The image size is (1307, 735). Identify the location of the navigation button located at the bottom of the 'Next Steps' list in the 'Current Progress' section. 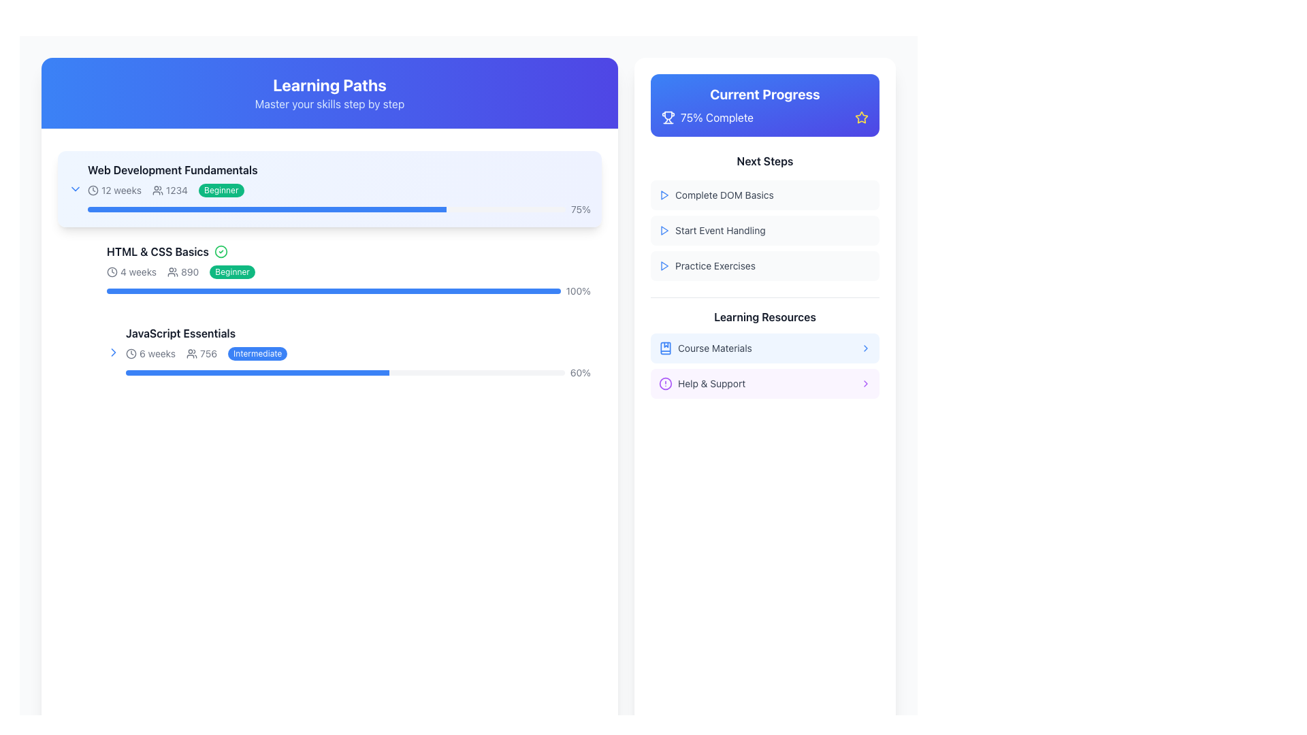
(764, 265).